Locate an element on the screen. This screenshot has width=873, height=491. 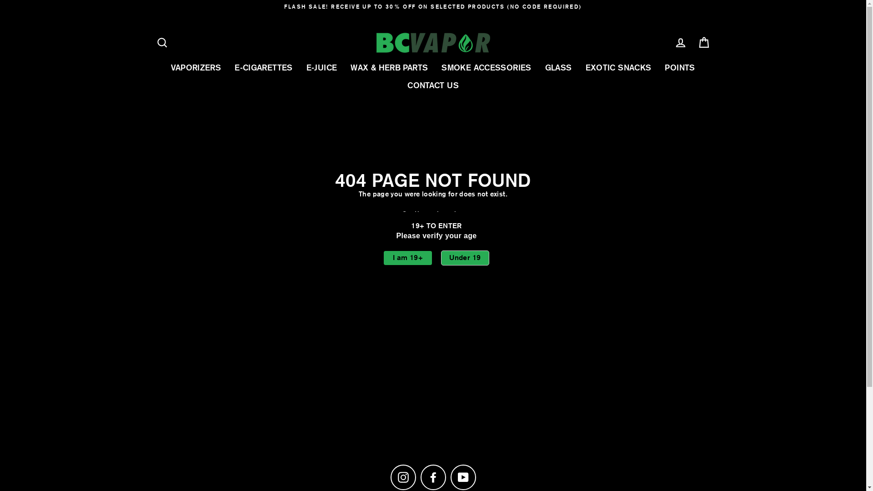
'YouTube' is located at coordinates (462, 476).